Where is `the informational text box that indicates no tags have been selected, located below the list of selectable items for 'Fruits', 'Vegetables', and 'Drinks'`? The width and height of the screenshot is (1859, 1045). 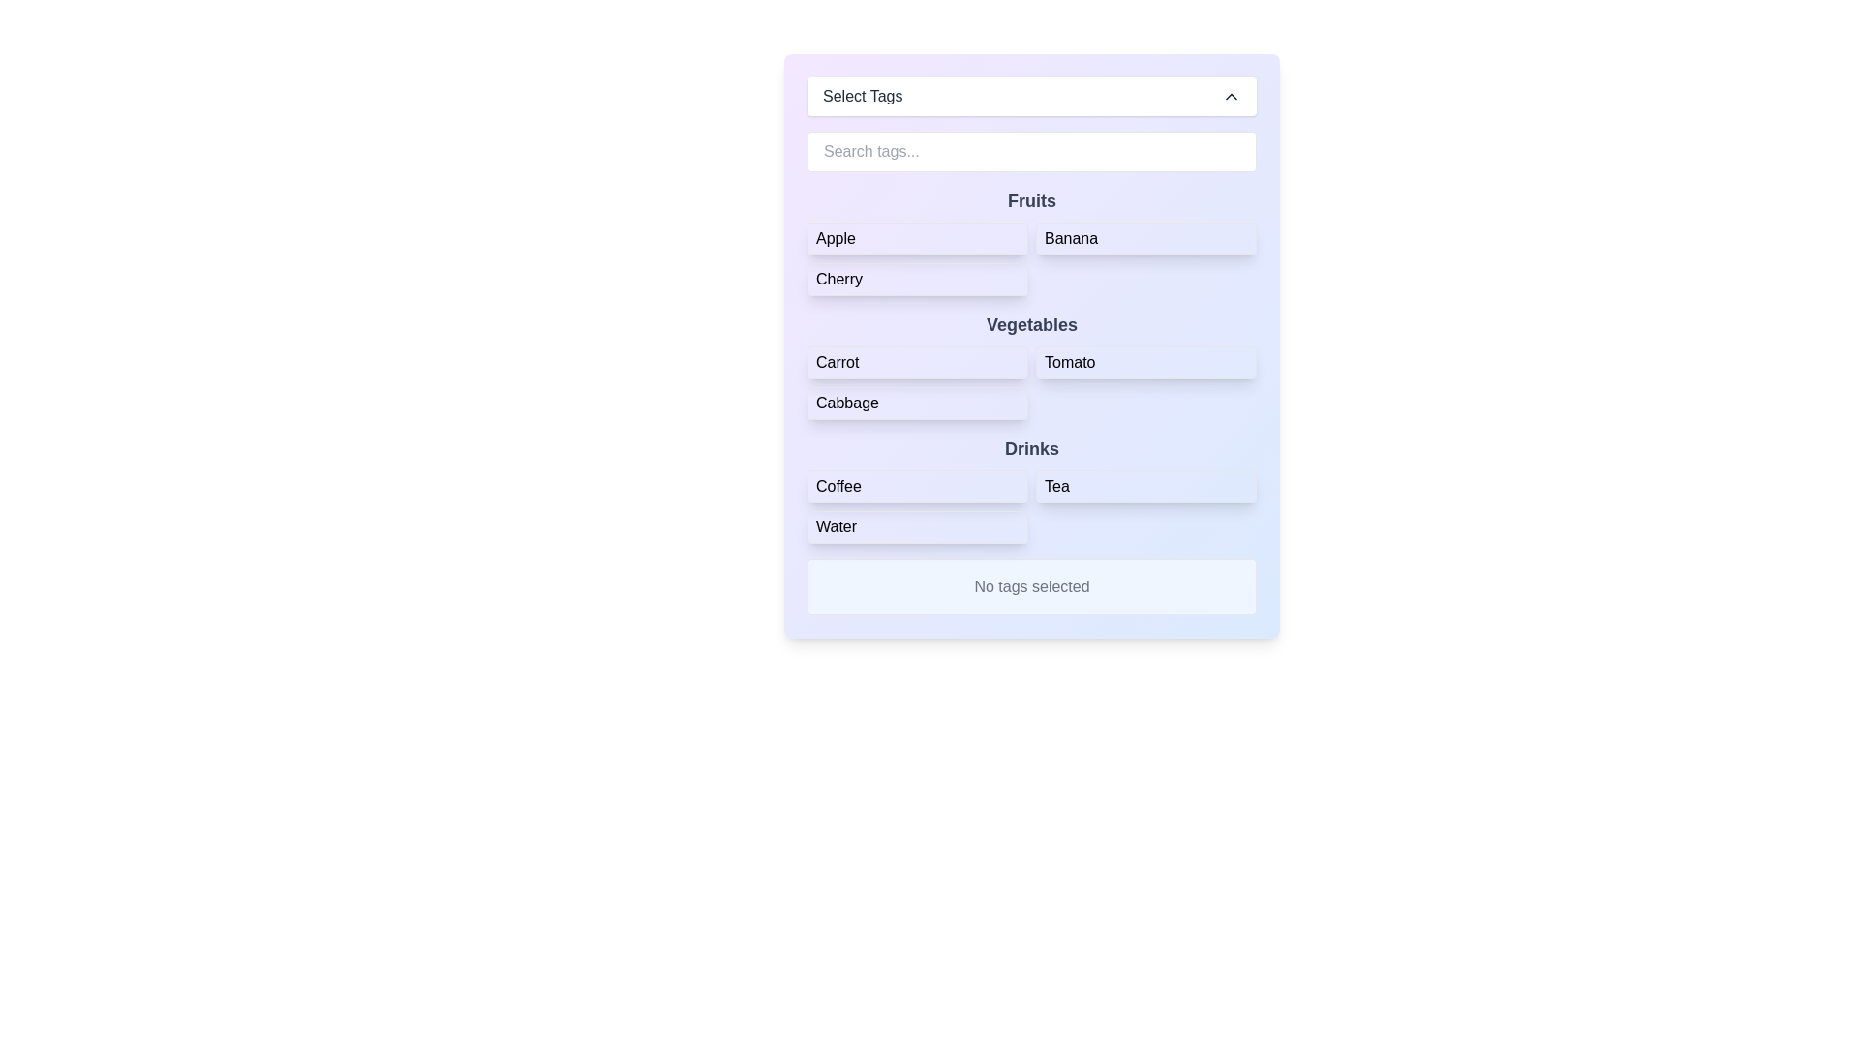 the informational text box that indicates no tags have been selected, located below the list of selectable items for 'Fruits', 'Vegetables', and 'Drinks' is located at coordinates (1030, 585).